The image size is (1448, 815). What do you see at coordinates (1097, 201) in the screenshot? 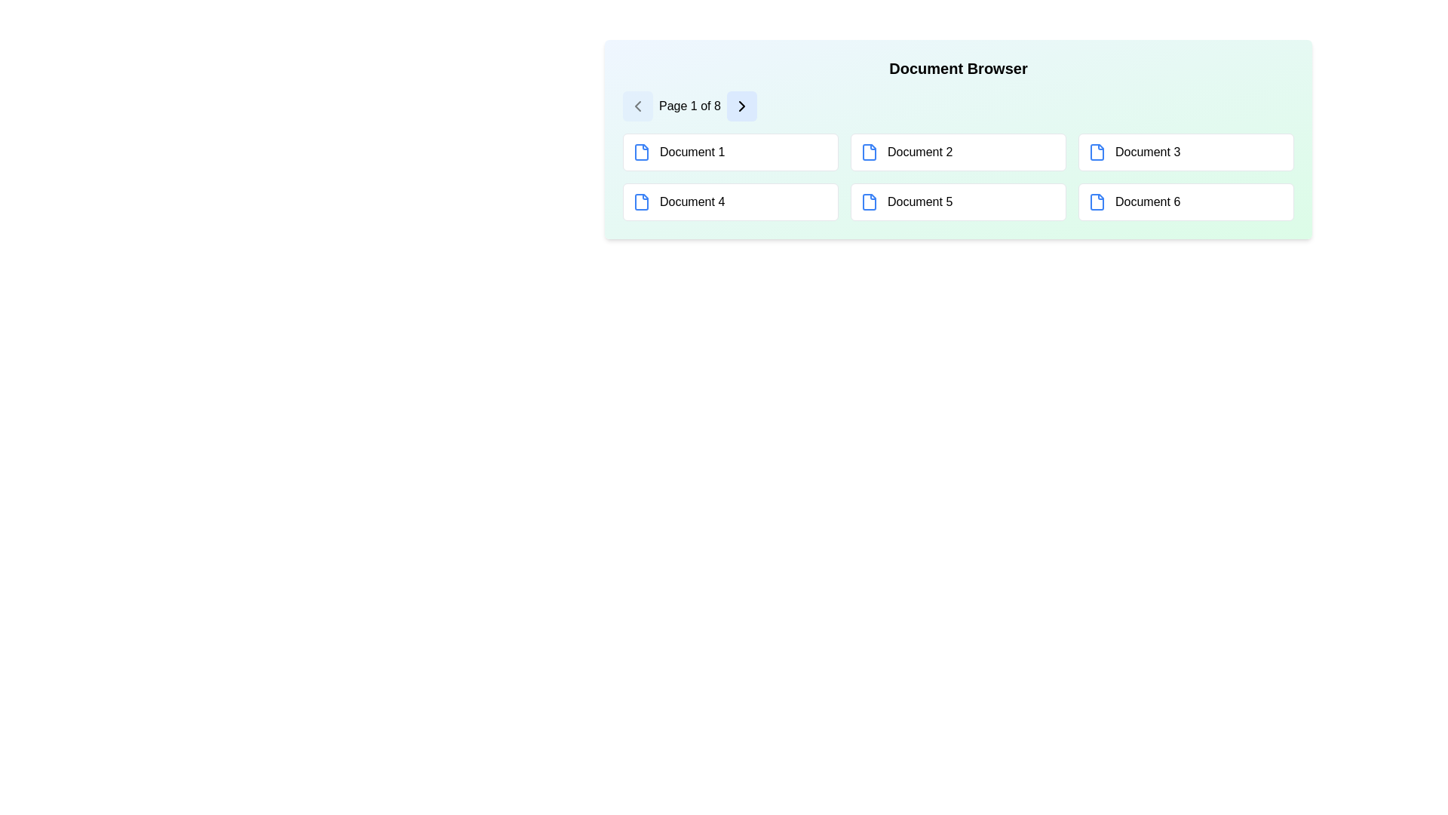
I see `the document icon representing 'Document 6', located at the bottom-right corner of the grid layout under the 'Document Browser' section` at bounding box center [1097, 201].